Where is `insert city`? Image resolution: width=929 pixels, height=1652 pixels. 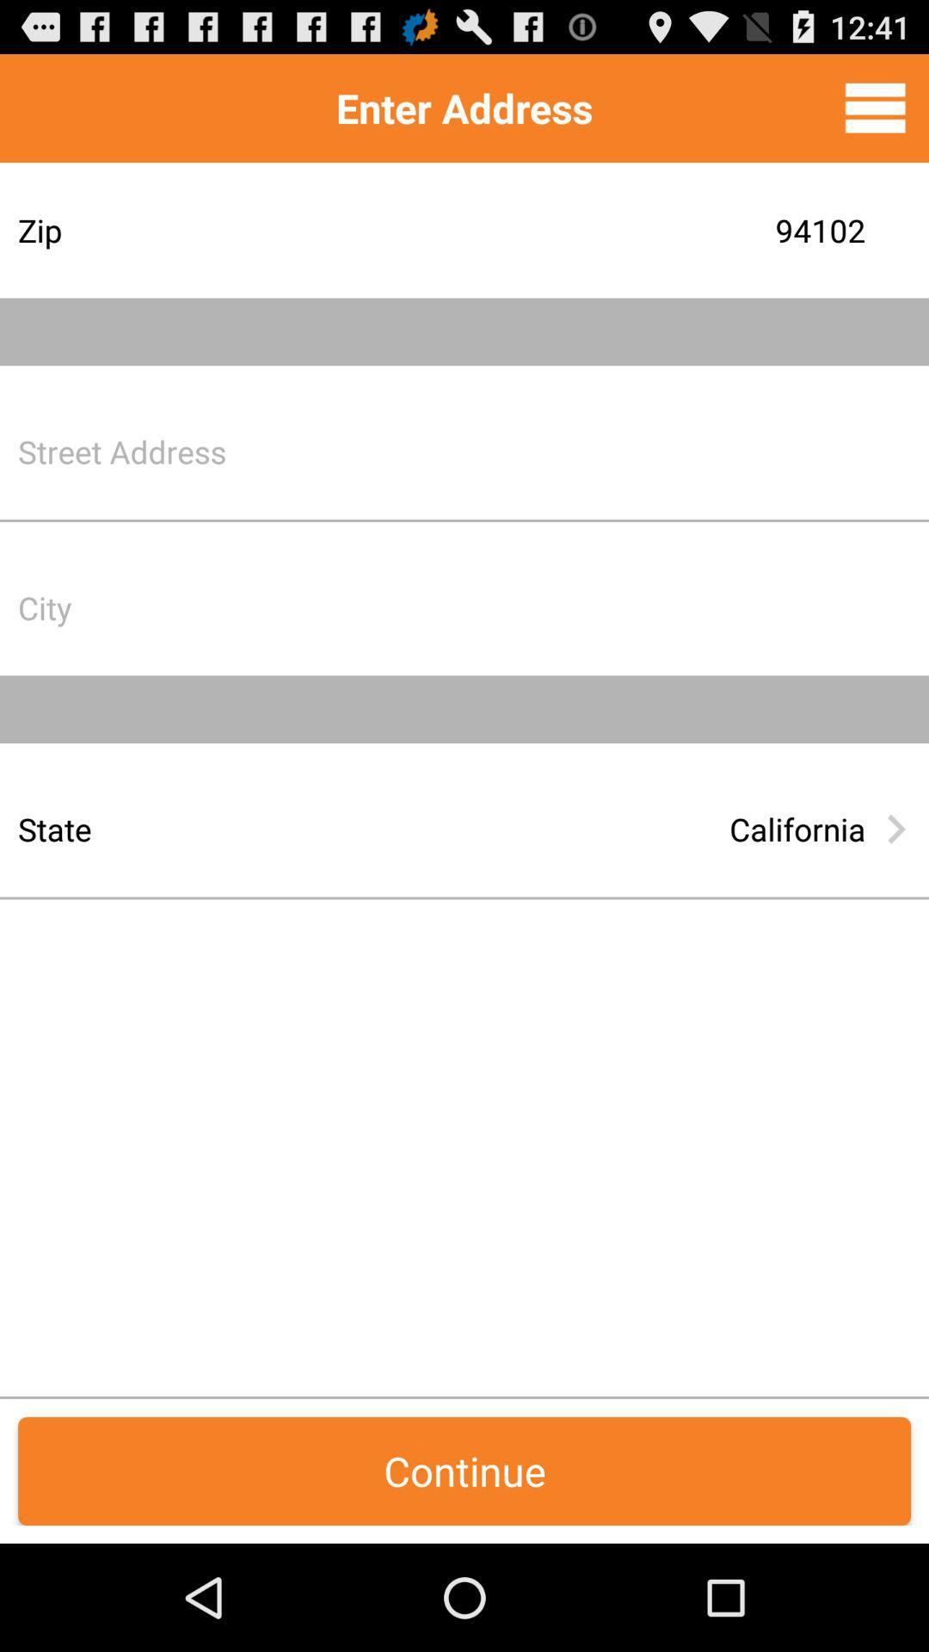
insert city is located at coordinates (597, 607).